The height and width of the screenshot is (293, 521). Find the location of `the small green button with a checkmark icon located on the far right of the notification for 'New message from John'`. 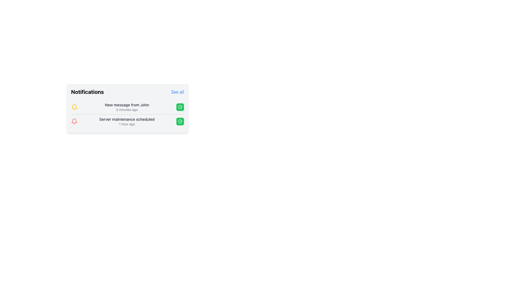

the small green button with a checkmark icon located on the far right of the notification for 'New message from John' is located at coordinates (180, 107).